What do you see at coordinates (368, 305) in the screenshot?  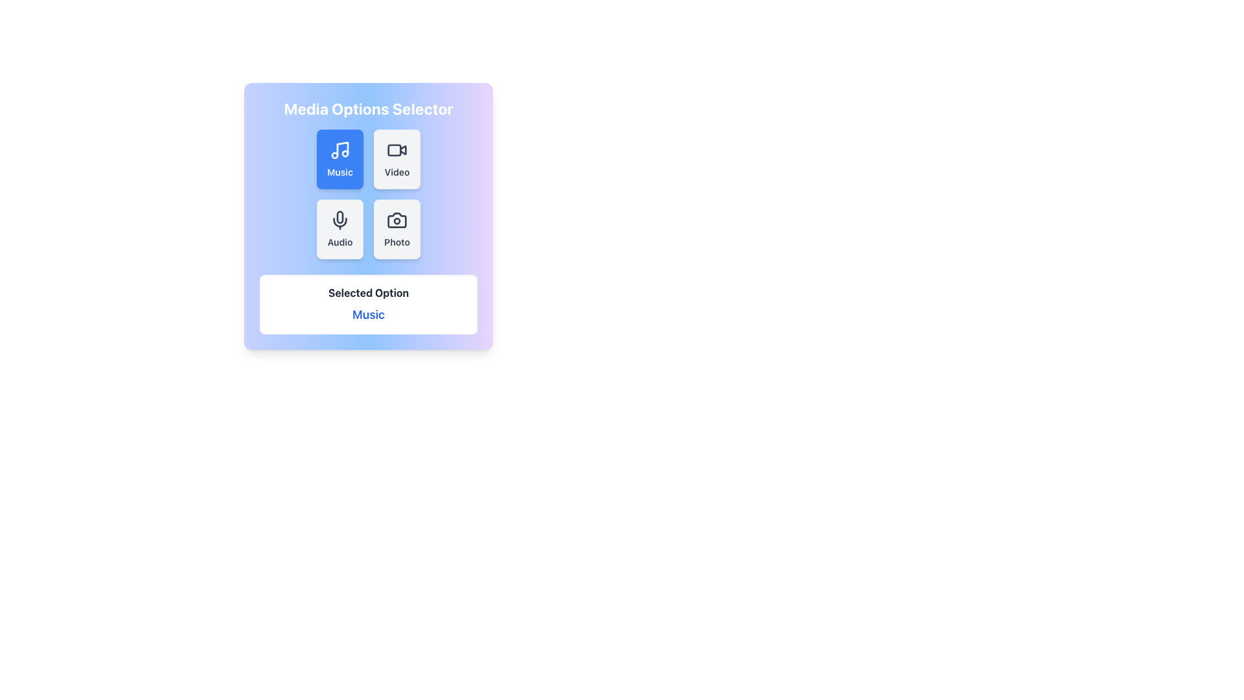 I see `displayed text in the white rectangular box containing 'Selected Option' in bold gray font and 'Music' in blue font, located at the bottom of the 'Media Options Selector' component` at bounding box center [368, 305].